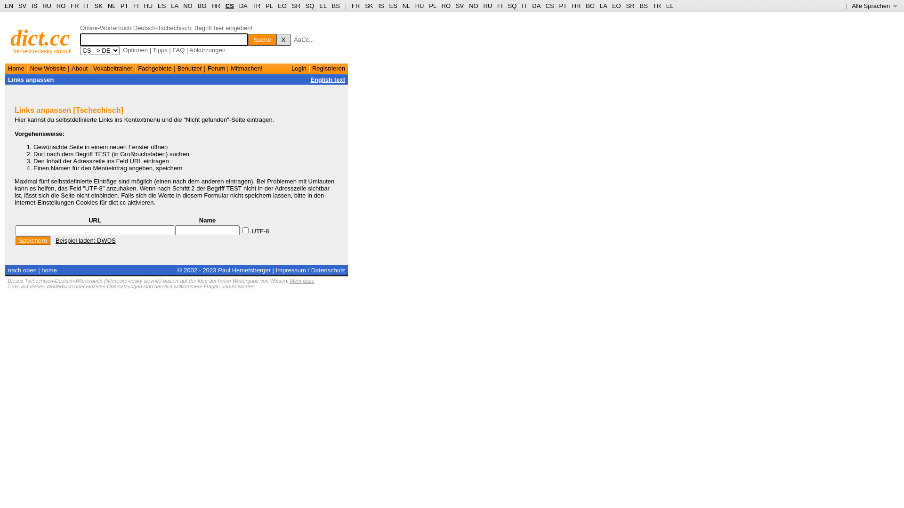  I want to click on 'DA', so click(532, 6).